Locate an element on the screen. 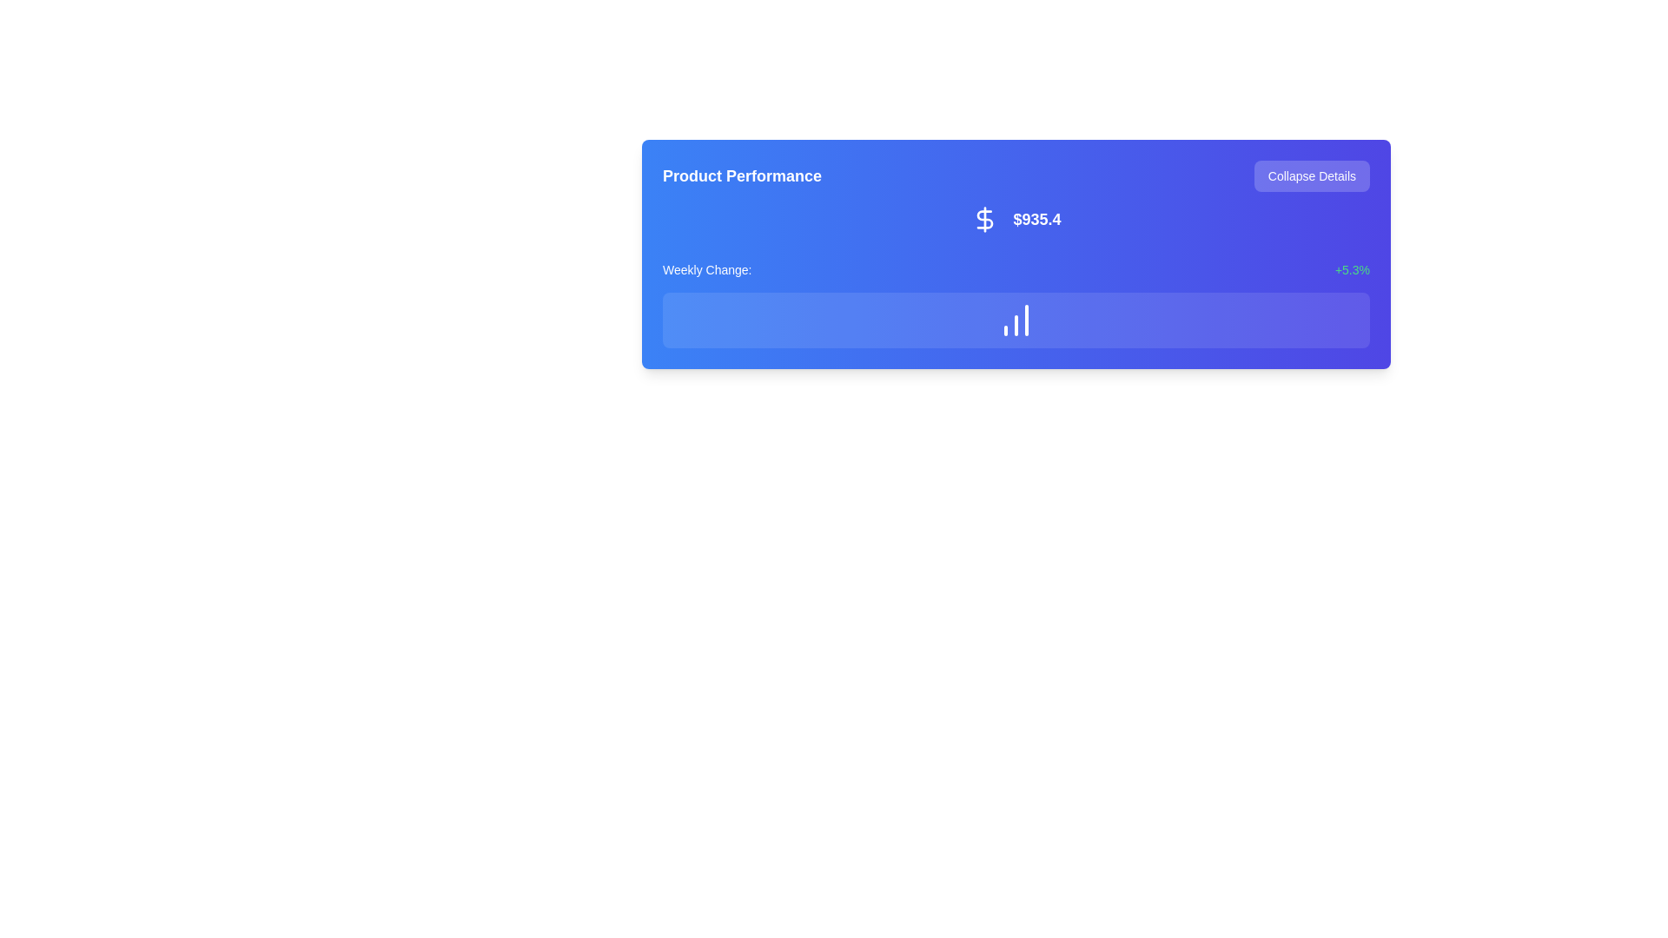 Image resolution: width=1668 pixels, height=938 pixels. the button labeled 'Collapse Details' located in the top right corner of the blue 'Product Performance' card is located at coordinates (1312, 176).